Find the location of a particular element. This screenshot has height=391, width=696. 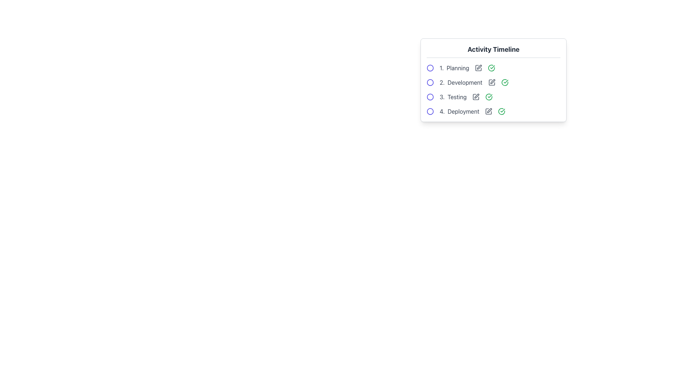

the text label element reading 'Planning', which is the first item in the bulleted list titled 'Activity Timeline' is located at coordinates (457, 68).